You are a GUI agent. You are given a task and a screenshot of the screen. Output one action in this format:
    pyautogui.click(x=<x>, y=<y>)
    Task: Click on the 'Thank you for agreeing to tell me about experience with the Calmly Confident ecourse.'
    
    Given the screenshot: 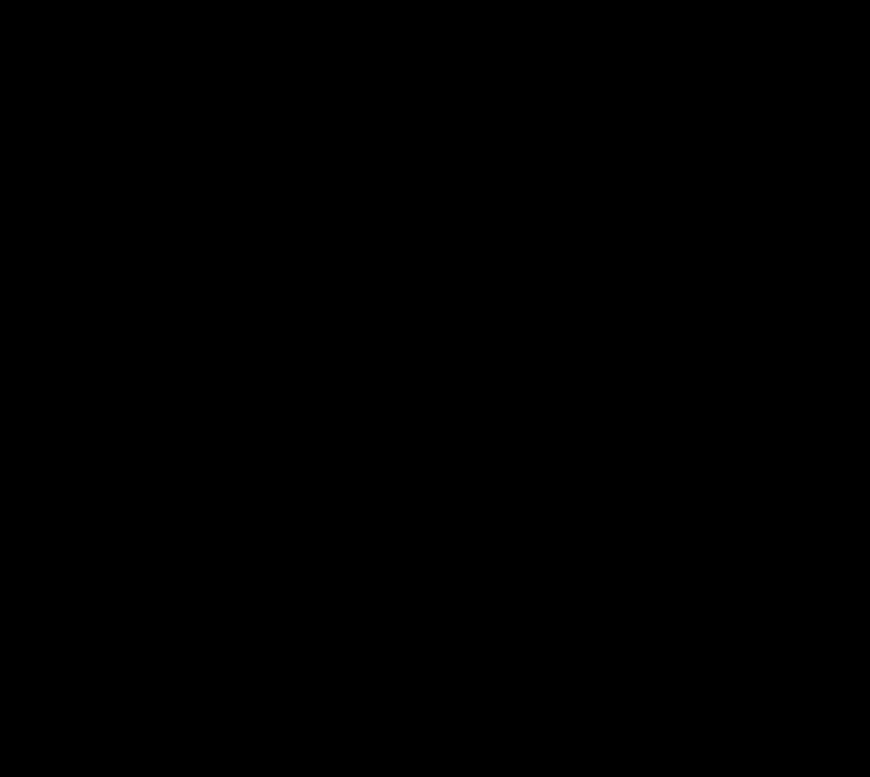 What is the action you would take?
    pyautogui.click(x=420, y=361)
    